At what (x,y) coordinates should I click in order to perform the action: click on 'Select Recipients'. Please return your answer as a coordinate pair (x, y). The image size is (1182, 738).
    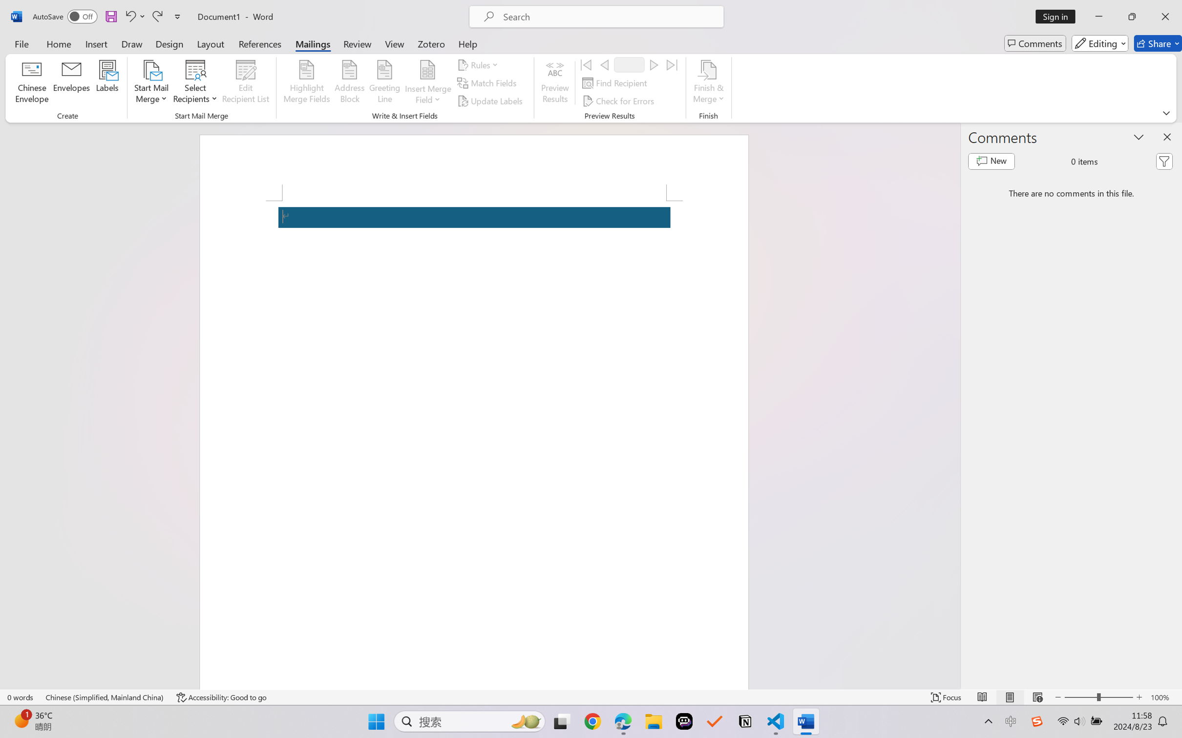
    Looking at the image, I should click on (195, 83).